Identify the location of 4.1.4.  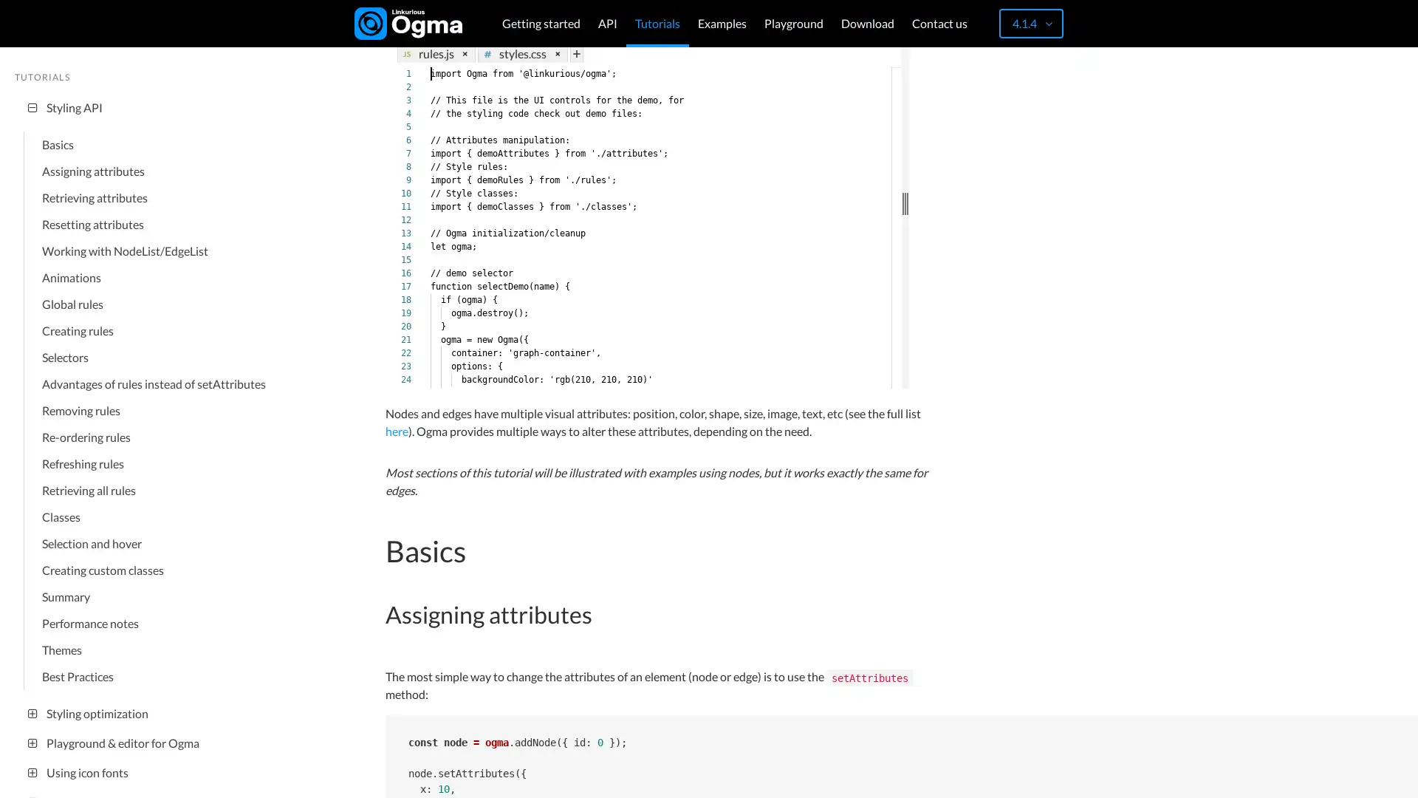
(1030, 23).